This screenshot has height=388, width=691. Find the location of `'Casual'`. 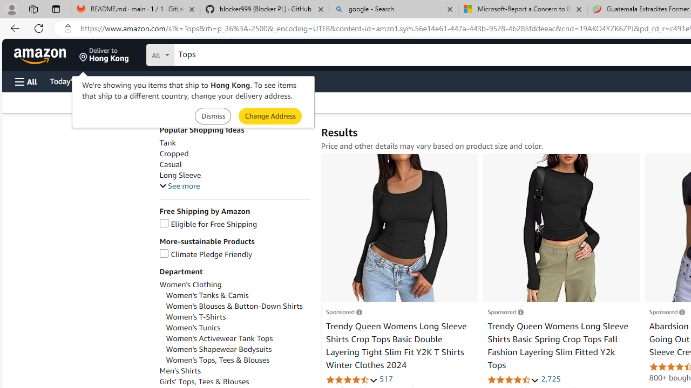

'Casual' is located at coordinates (234, 164).